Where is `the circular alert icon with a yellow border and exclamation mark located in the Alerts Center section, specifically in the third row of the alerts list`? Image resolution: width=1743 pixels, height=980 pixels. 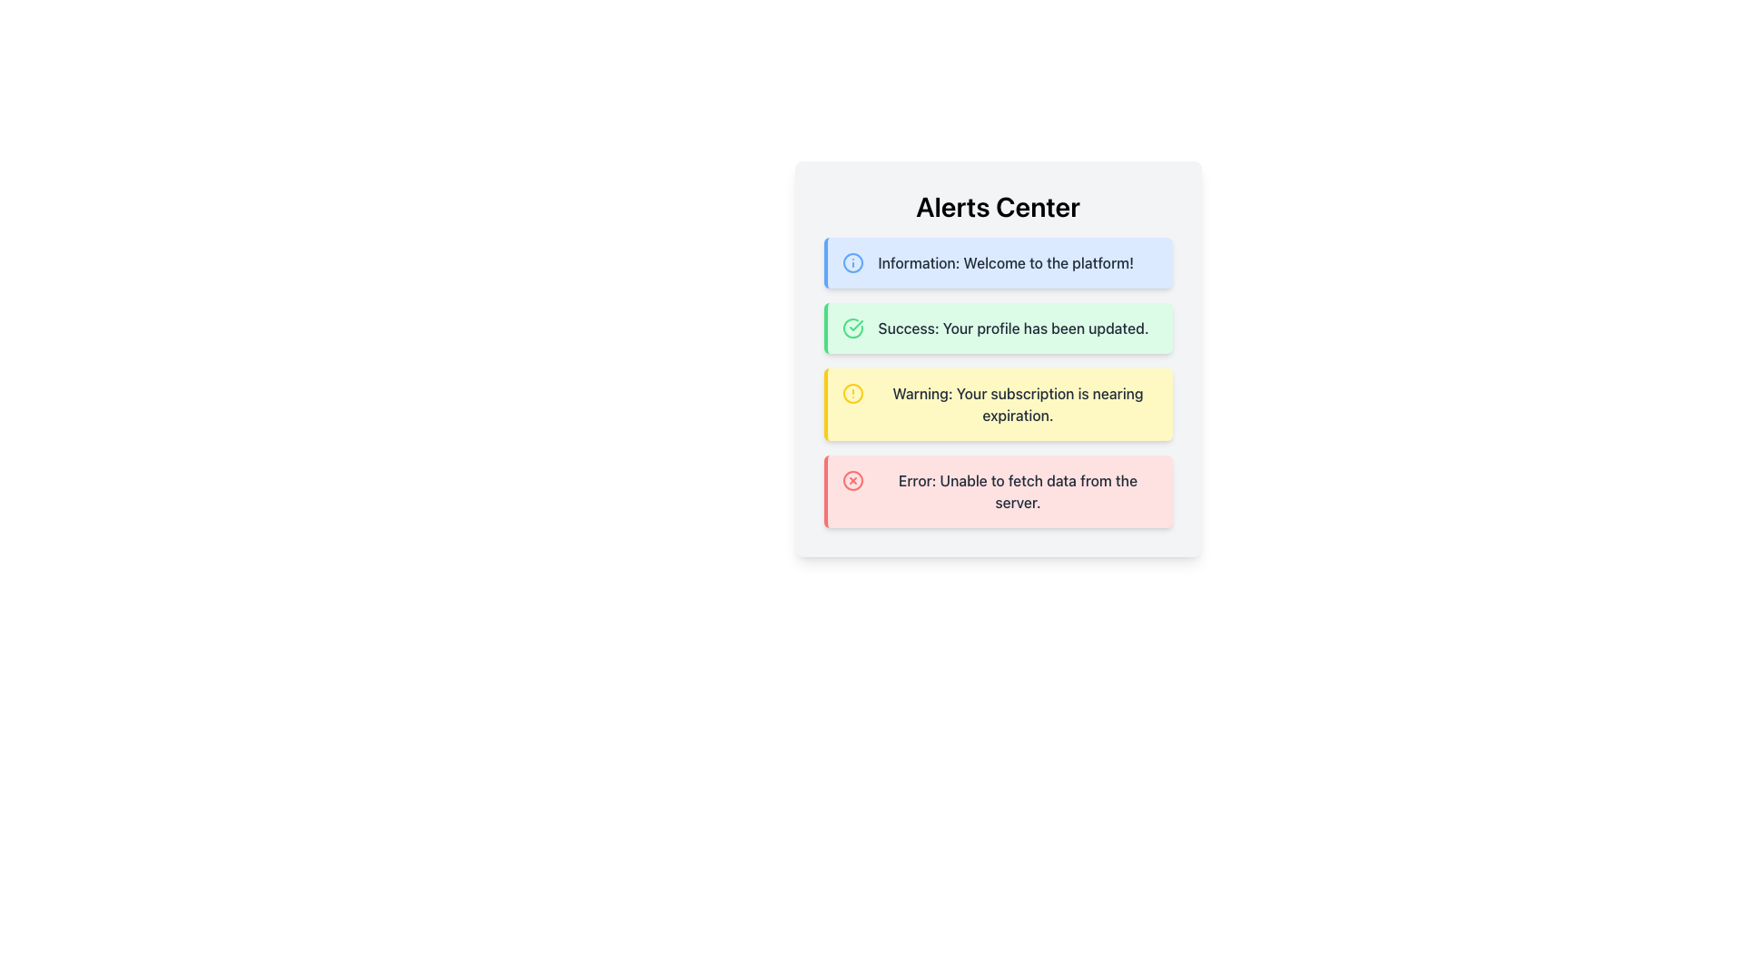
the circular alert icon with a yellow border and exclamation mark located in the Alerts Center section, specifically in the third row of the alerts list is located at coordinates (852, 393).